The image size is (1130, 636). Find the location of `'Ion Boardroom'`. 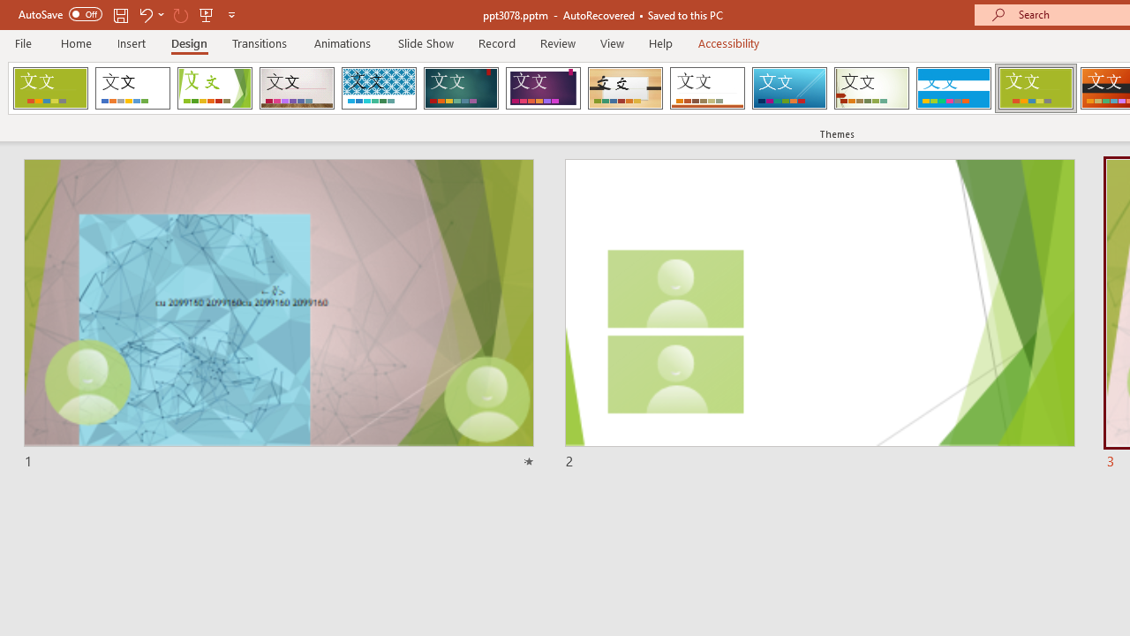

'Ion Boardroom' is located at coordinates (542, 88).